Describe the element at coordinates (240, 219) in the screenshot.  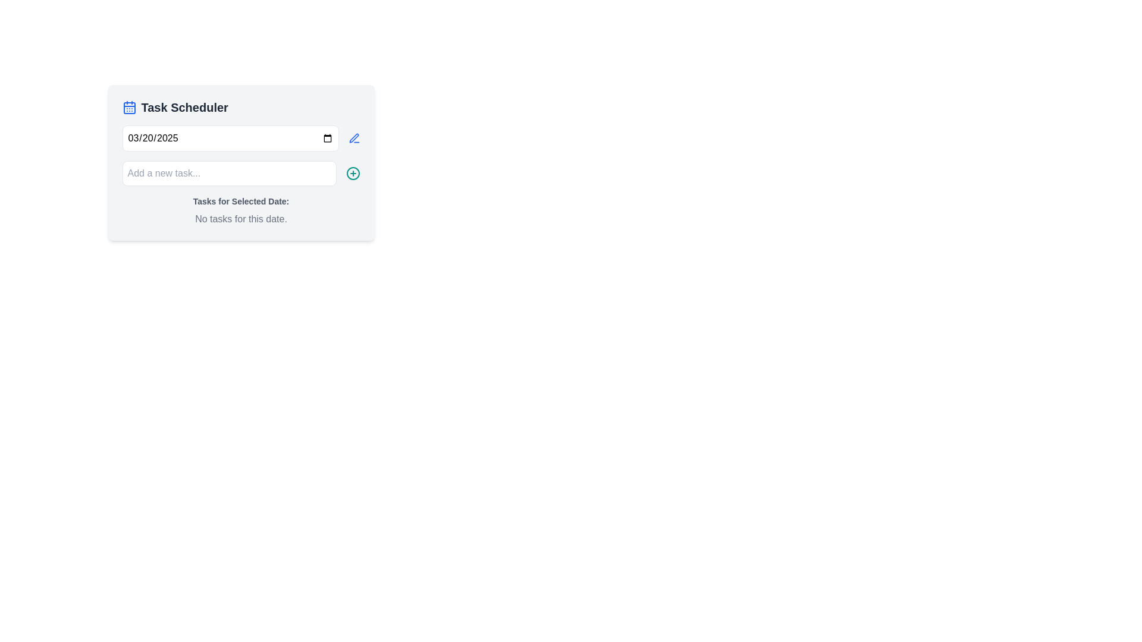
I see `the static text that indicates there are no tasks scheduled for the selected date, located beneath the subtitle 'Tasks for Selected Date:' within the 'Task Scheduler' card` at that location.